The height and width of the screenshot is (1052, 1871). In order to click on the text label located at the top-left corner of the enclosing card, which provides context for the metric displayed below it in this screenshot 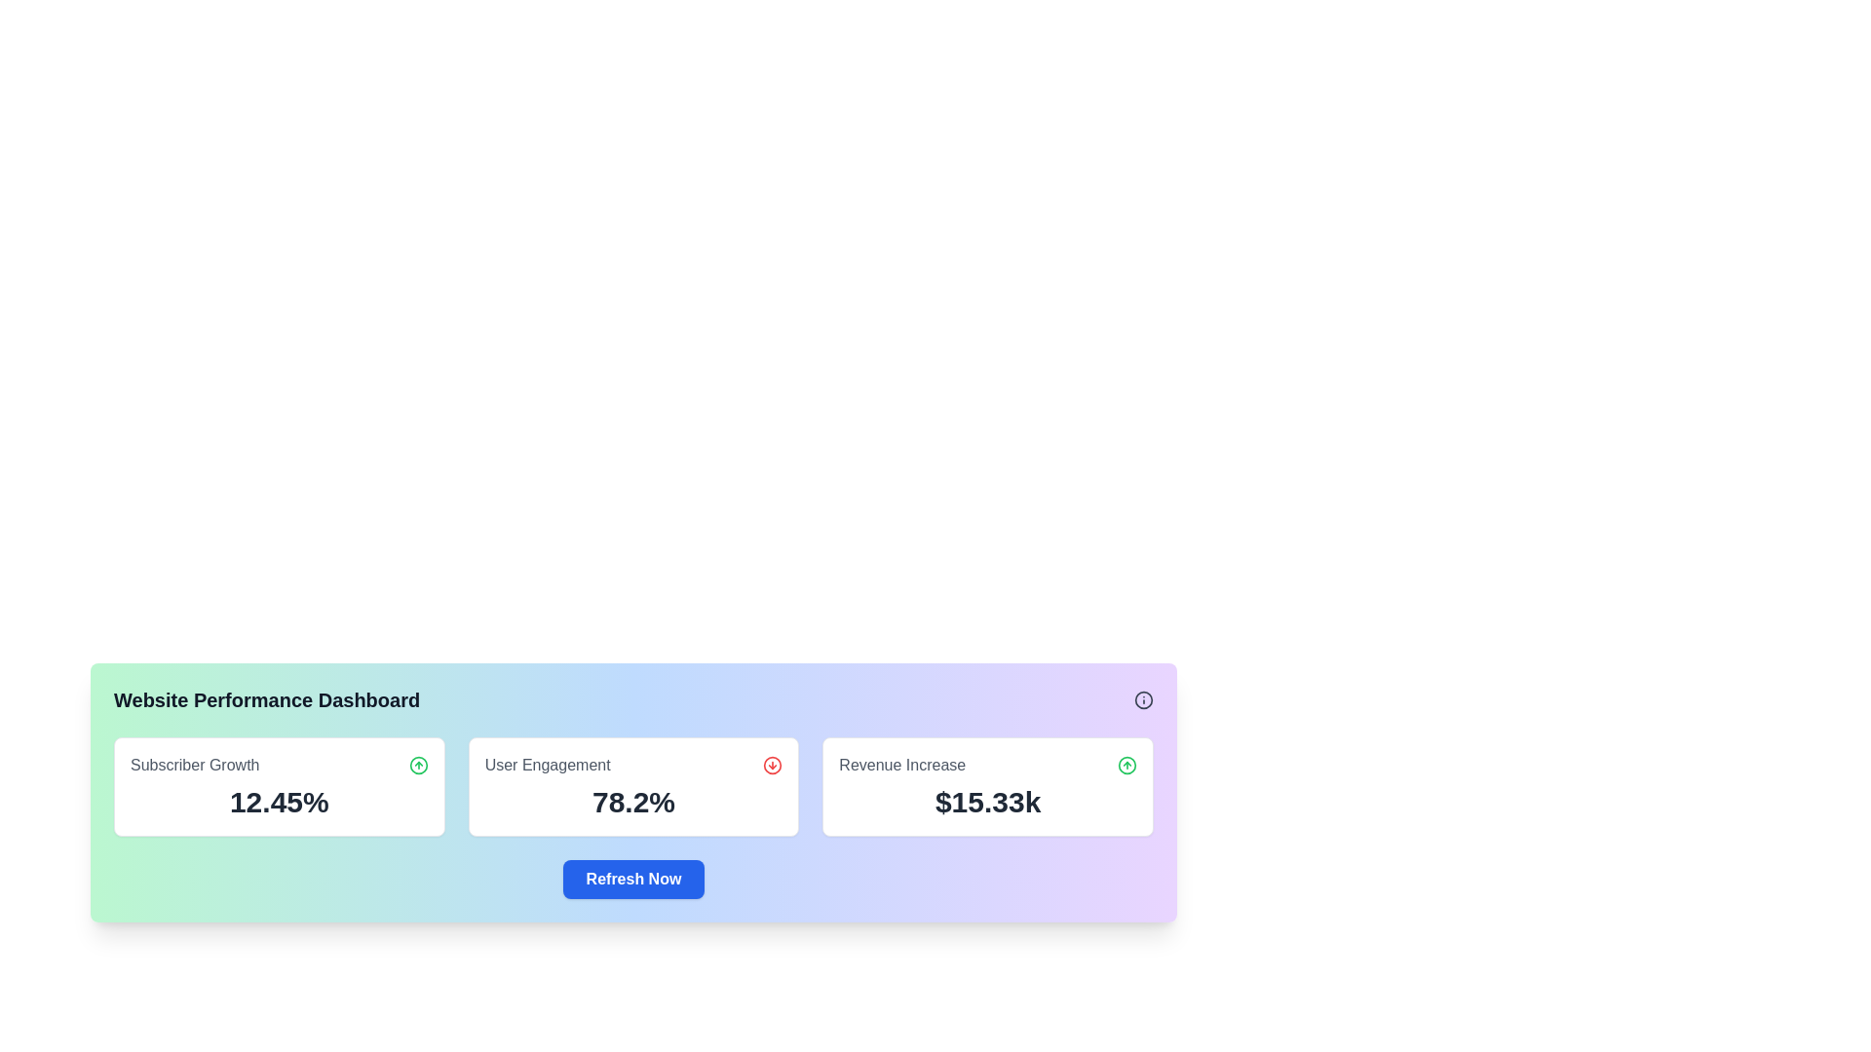, I will do `click(195, 765)`.